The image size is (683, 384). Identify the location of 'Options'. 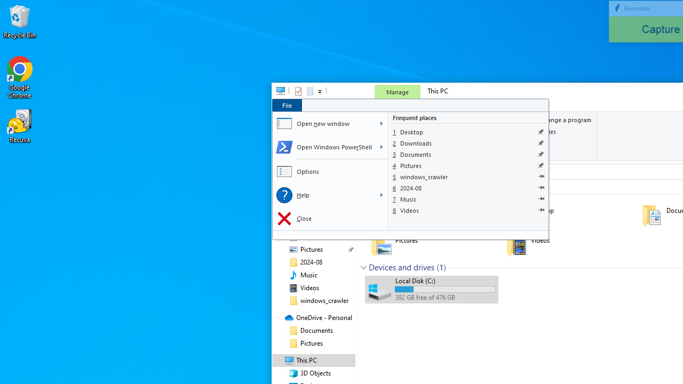
(329, 171).